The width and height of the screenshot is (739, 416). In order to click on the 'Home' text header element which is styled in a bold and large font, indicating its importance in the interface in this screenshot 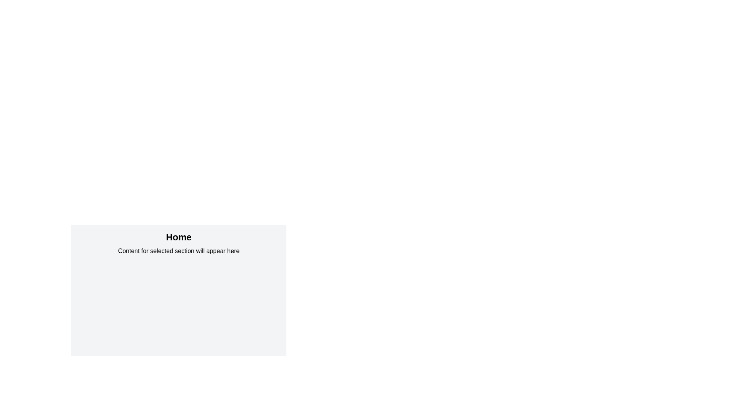, I will do `click(178, 237)`.